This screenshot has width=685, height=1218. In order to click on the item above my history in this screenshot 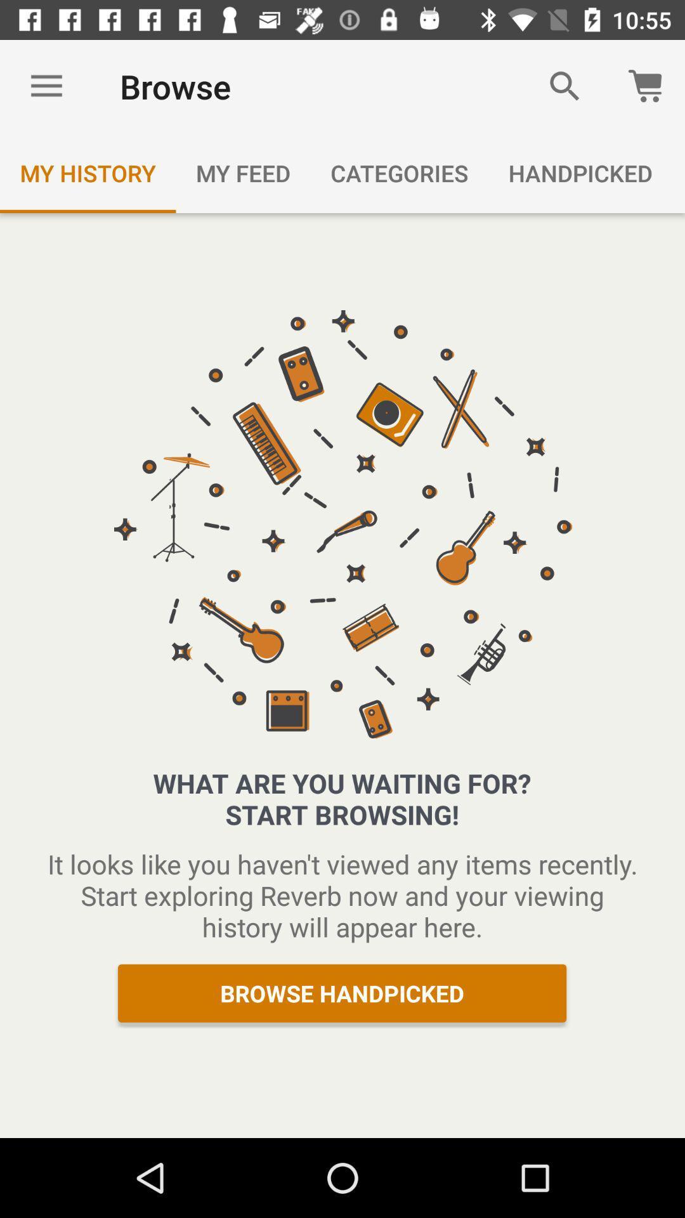, I will do `click(46, 86)`.